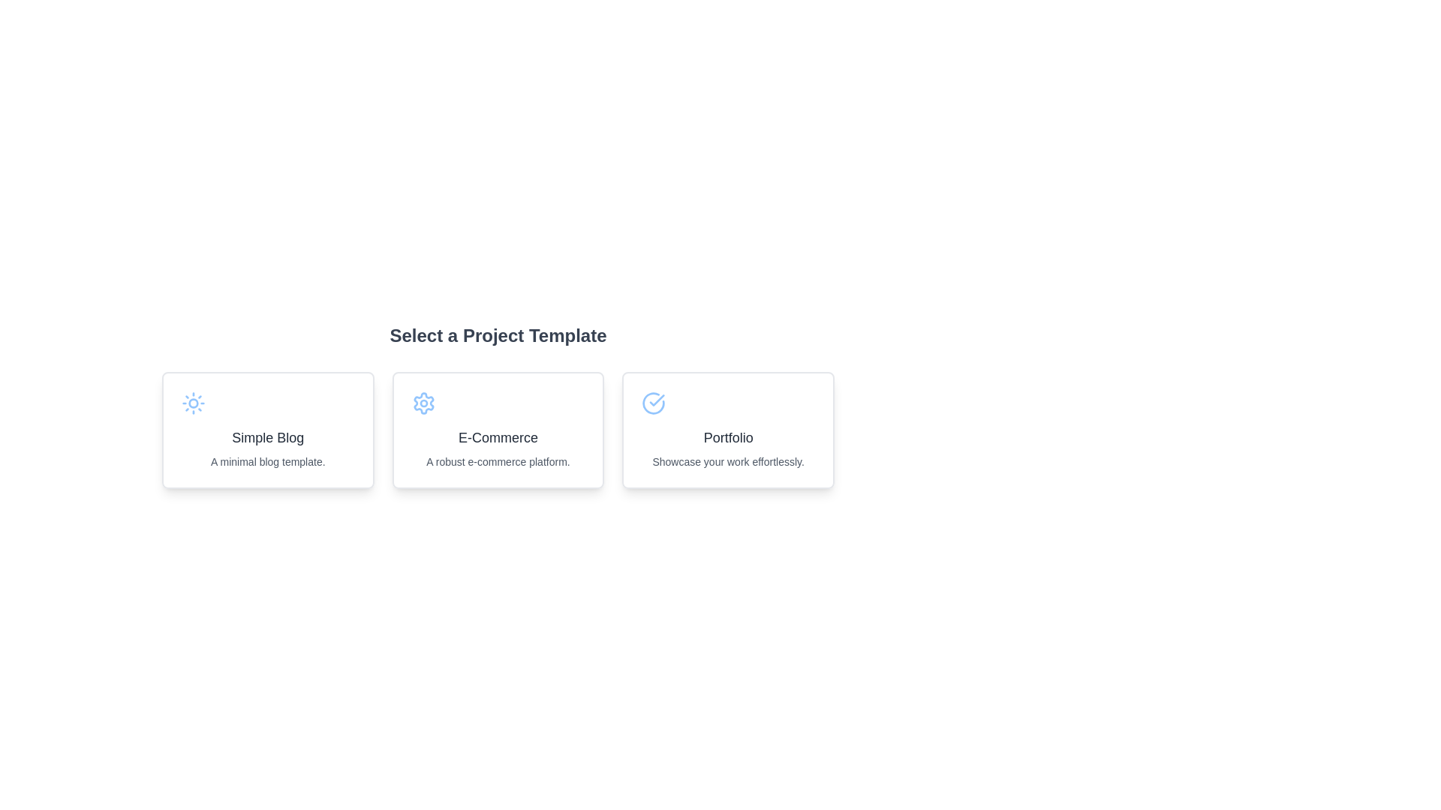 This screenshot has width=1441, height=810. Describe the element at coordinates (423, 402) in the screenshot. I see `the cogwheel icon, which has a light blue color and distinct tooth-like protrusions` at that location.